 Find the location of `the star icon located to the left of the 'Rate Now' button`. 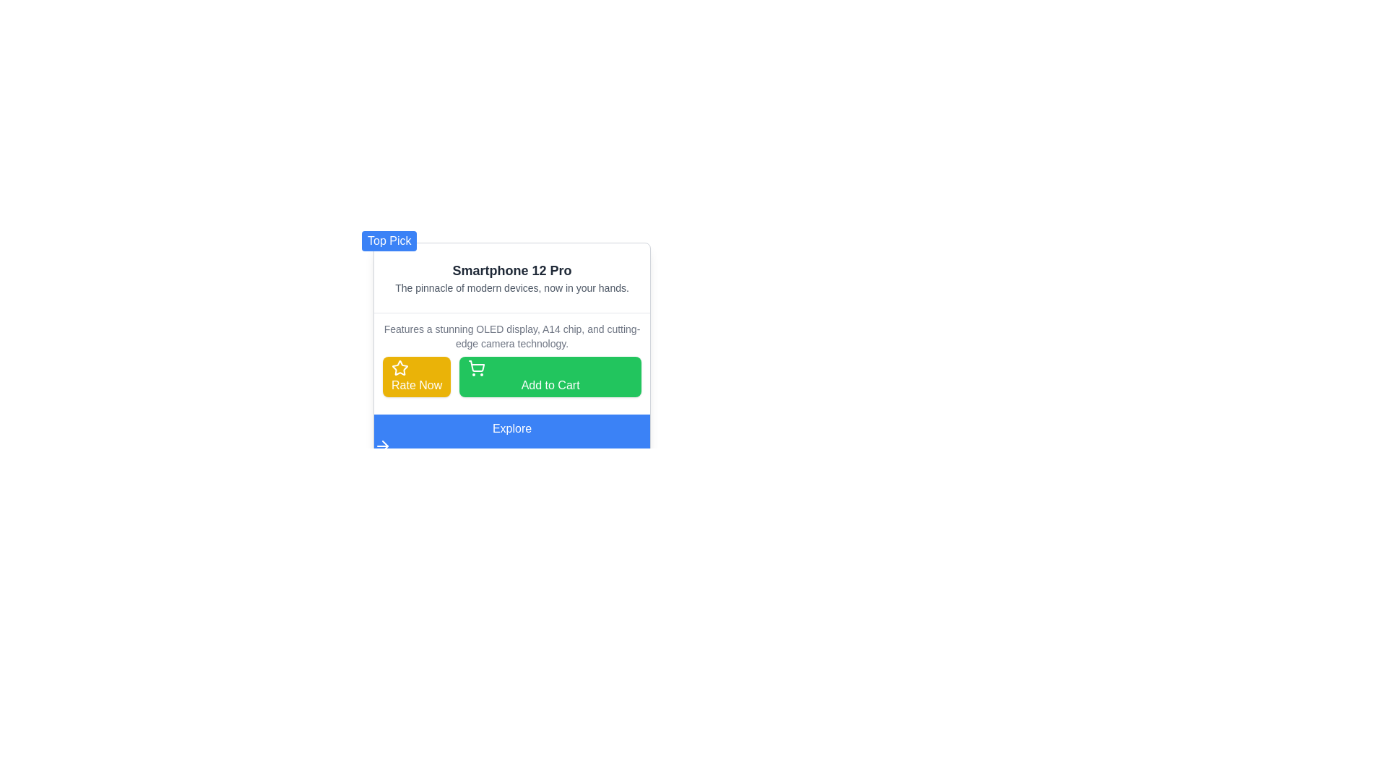

the star icon located to the left of the 'Rate Now' button is located at coordinates (399, 367).